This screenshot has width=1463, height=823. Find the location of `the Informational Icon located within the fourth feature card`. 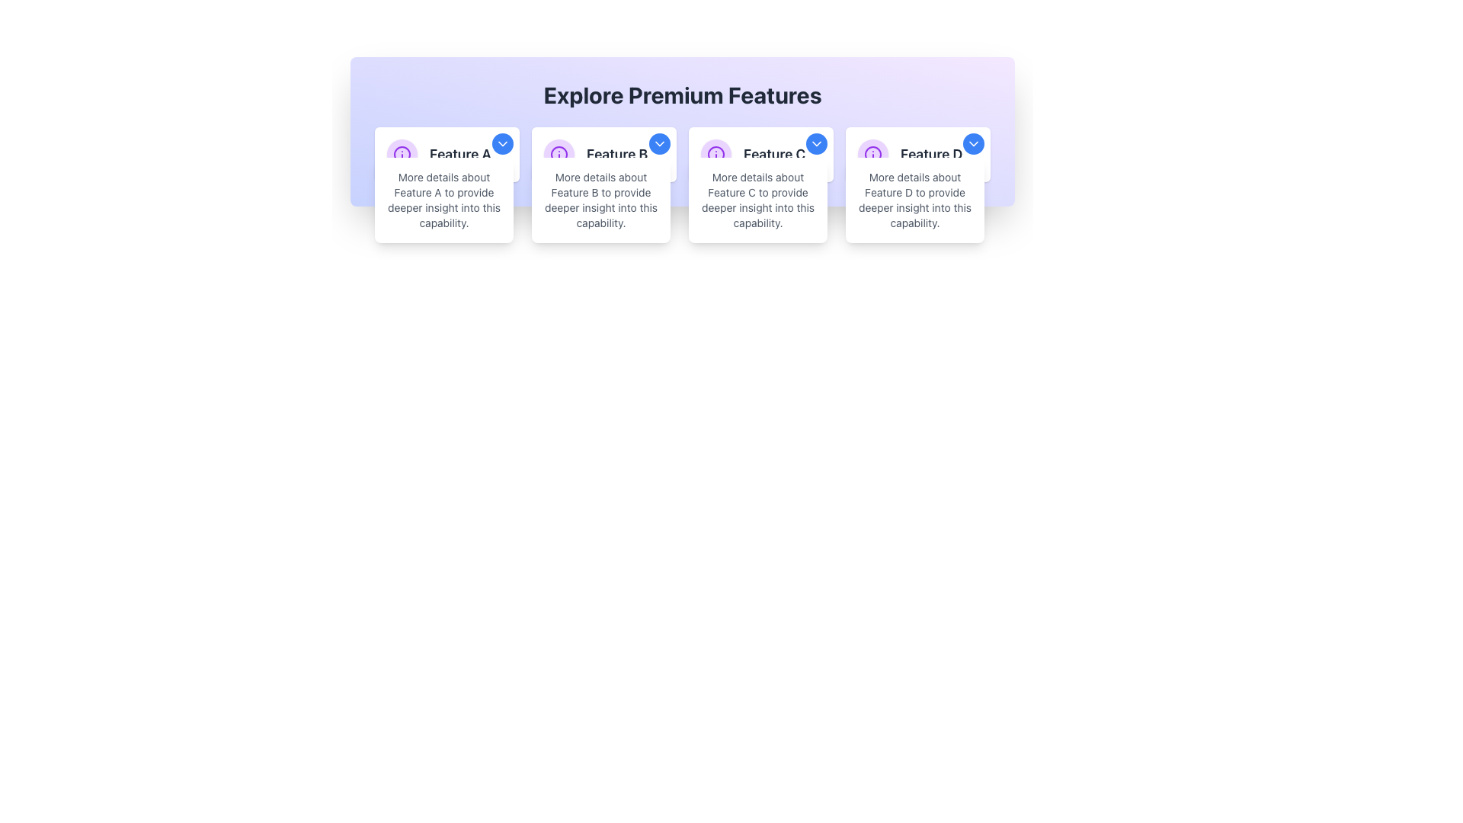

the Informational Icon located within the fourth feature card is located at coordinates (873, 155).